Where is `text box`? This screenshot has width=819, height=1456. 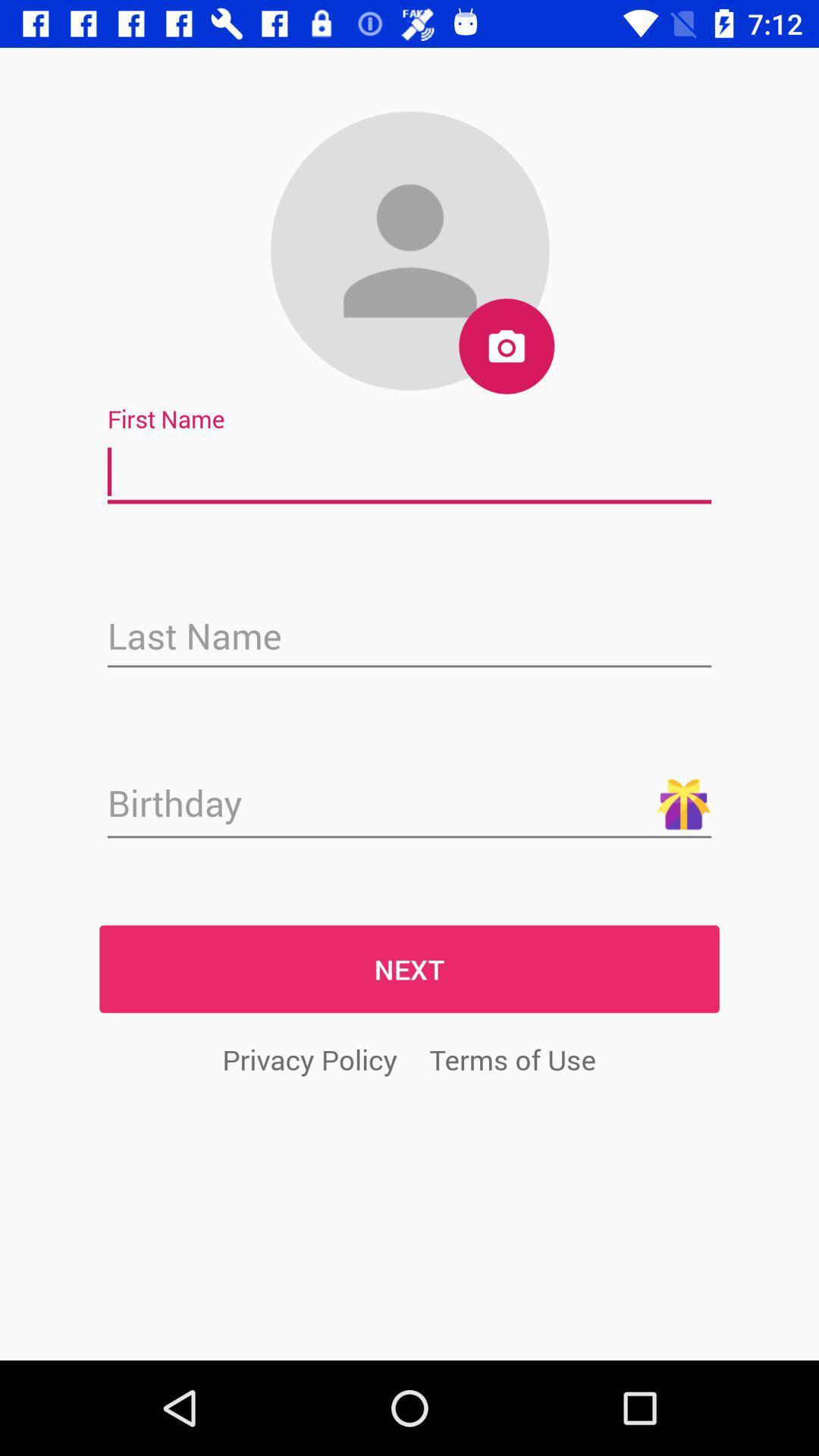 text box is located at coordinates (409, 638).